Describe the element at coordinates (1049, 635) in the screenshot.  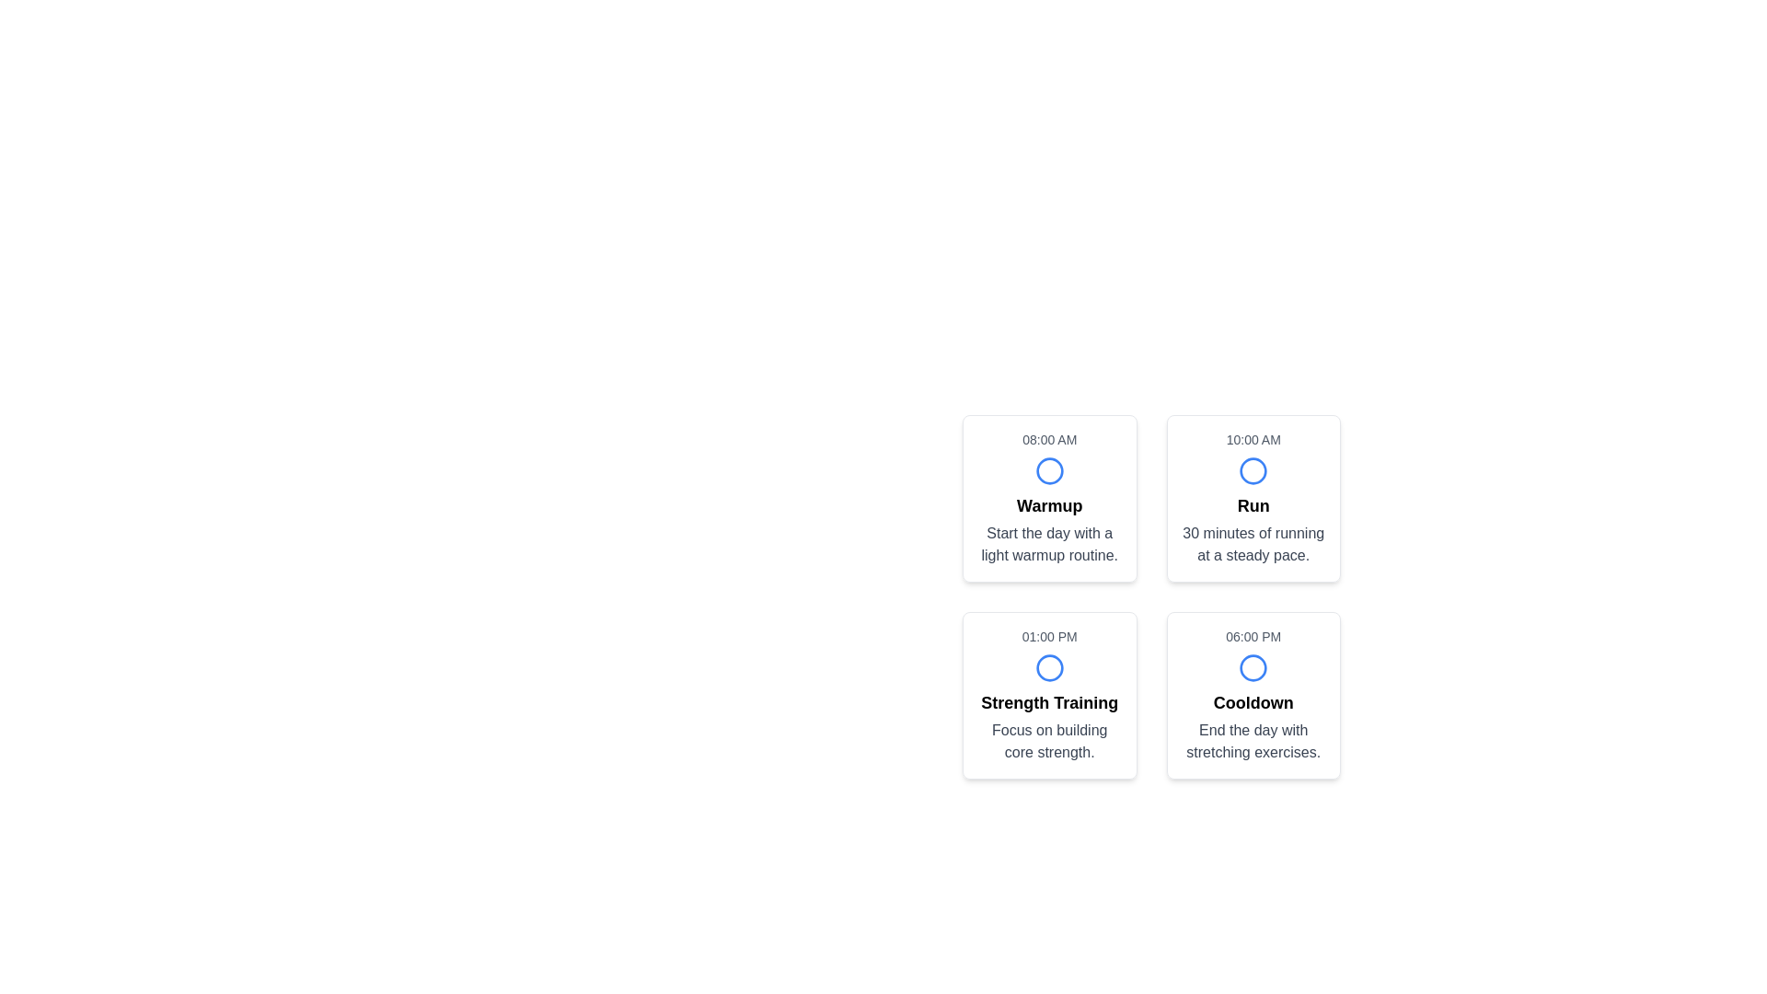
I see `the timestamp text label located in the top section of the second card in the layout grid, above the blue circular icon and the activity title 'Strength Training'` at that location.